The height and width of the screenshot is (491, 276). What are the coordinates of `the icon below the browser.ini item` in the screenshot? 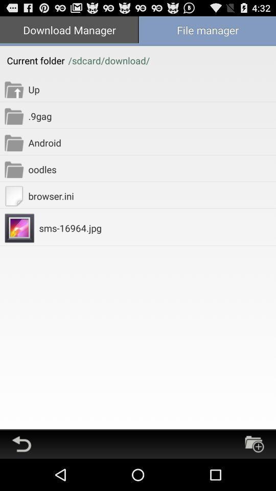 It's located at (157, 228).